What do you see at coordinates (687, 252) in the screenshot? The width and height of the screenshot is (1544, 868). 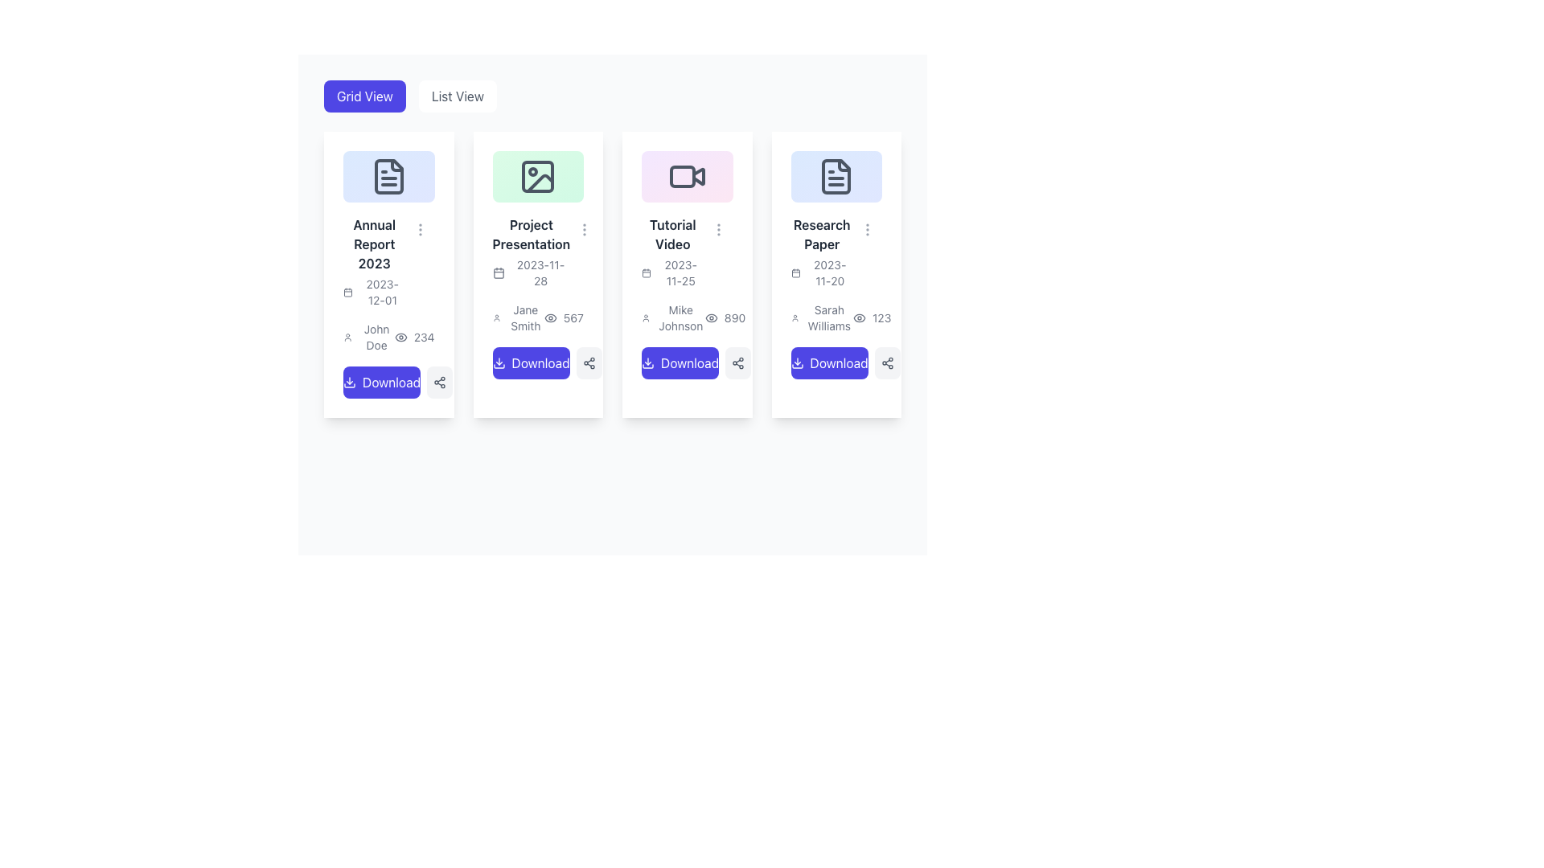 I see `the text display element that provides a brief description and the date associated with a tutorial video` at bounding box center [687, 252].